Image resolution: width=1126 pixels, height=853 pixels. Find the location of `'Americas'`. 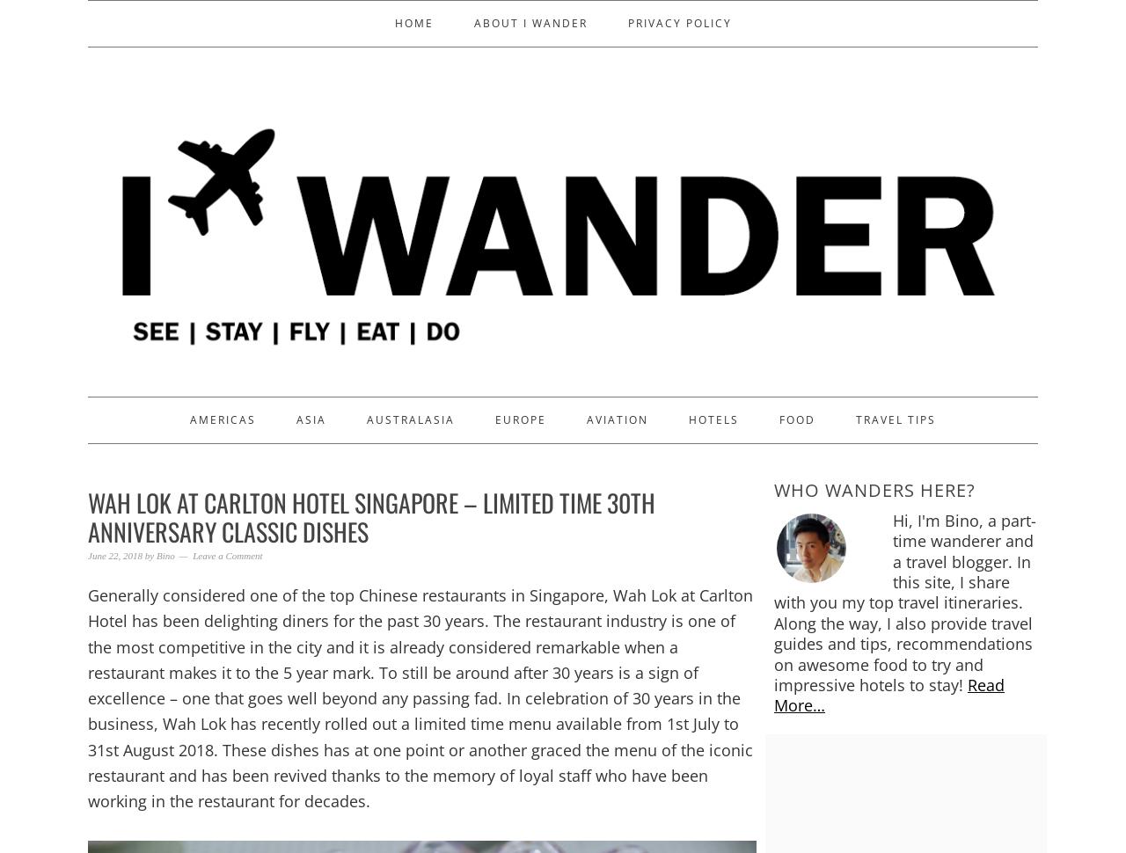

'Americas' is located at coordinates (222, 418).